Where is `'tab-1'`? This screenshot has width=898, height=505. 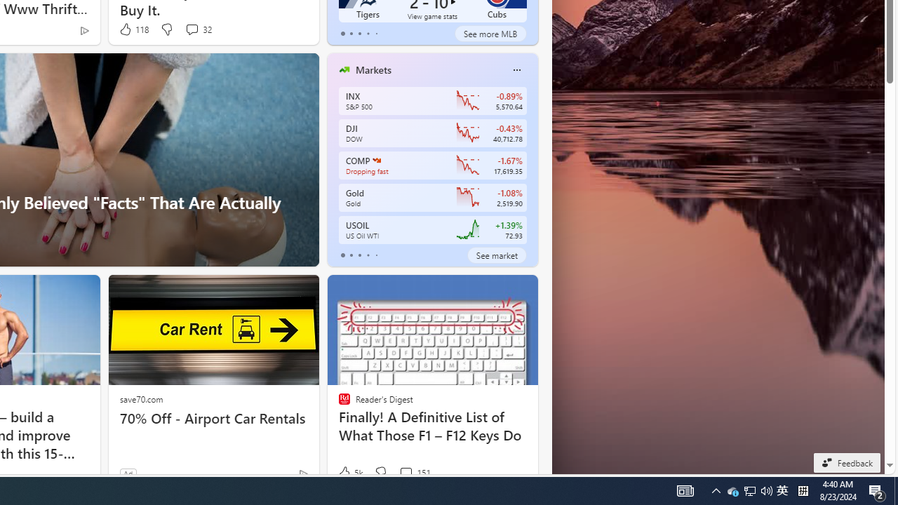 'tab-1' is located at coordinates (351, 255).